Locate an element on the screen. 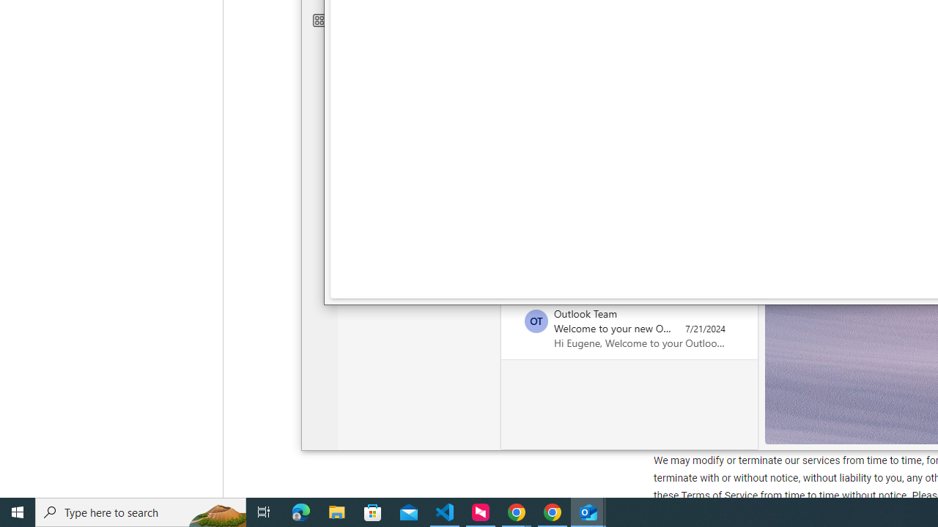  'Google Chrome - 1 running window' is located at coordinates (552, 511).